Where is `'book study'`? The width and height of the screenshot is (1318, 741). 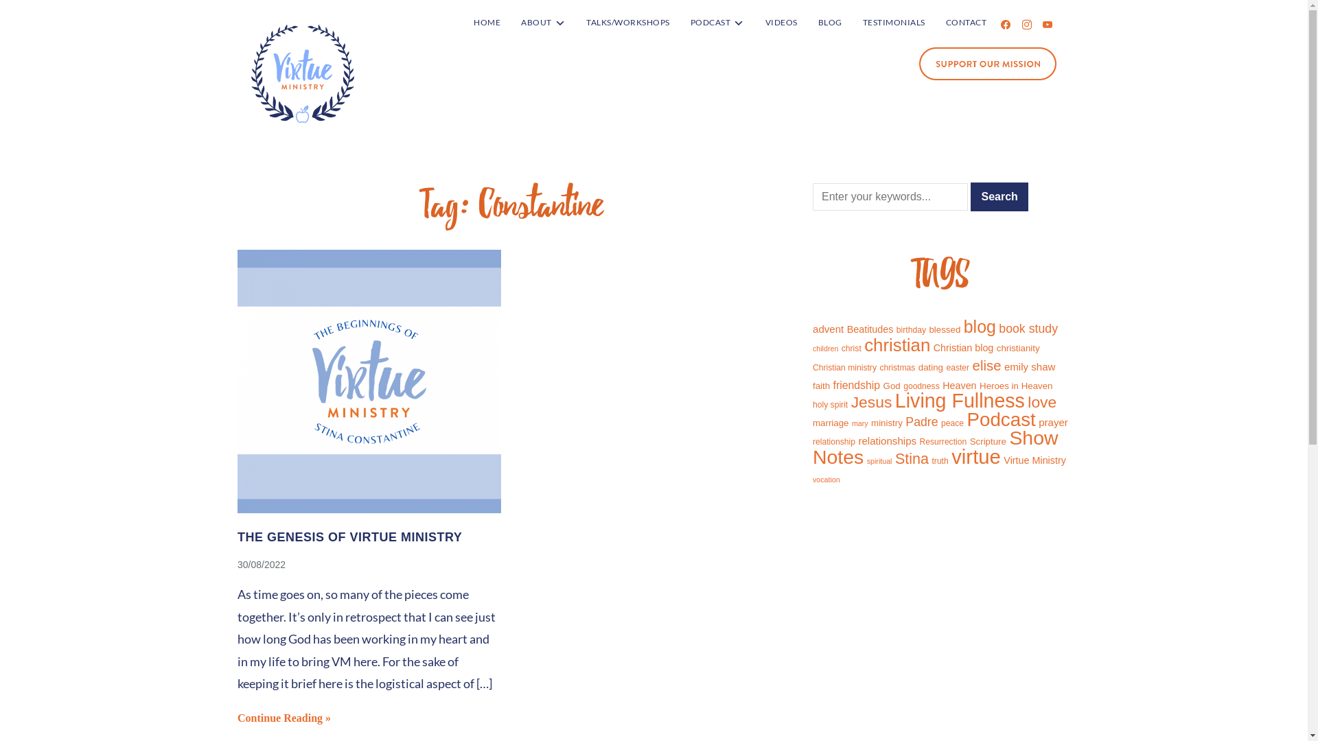 'book study' is located at coordinates (1028, 328).